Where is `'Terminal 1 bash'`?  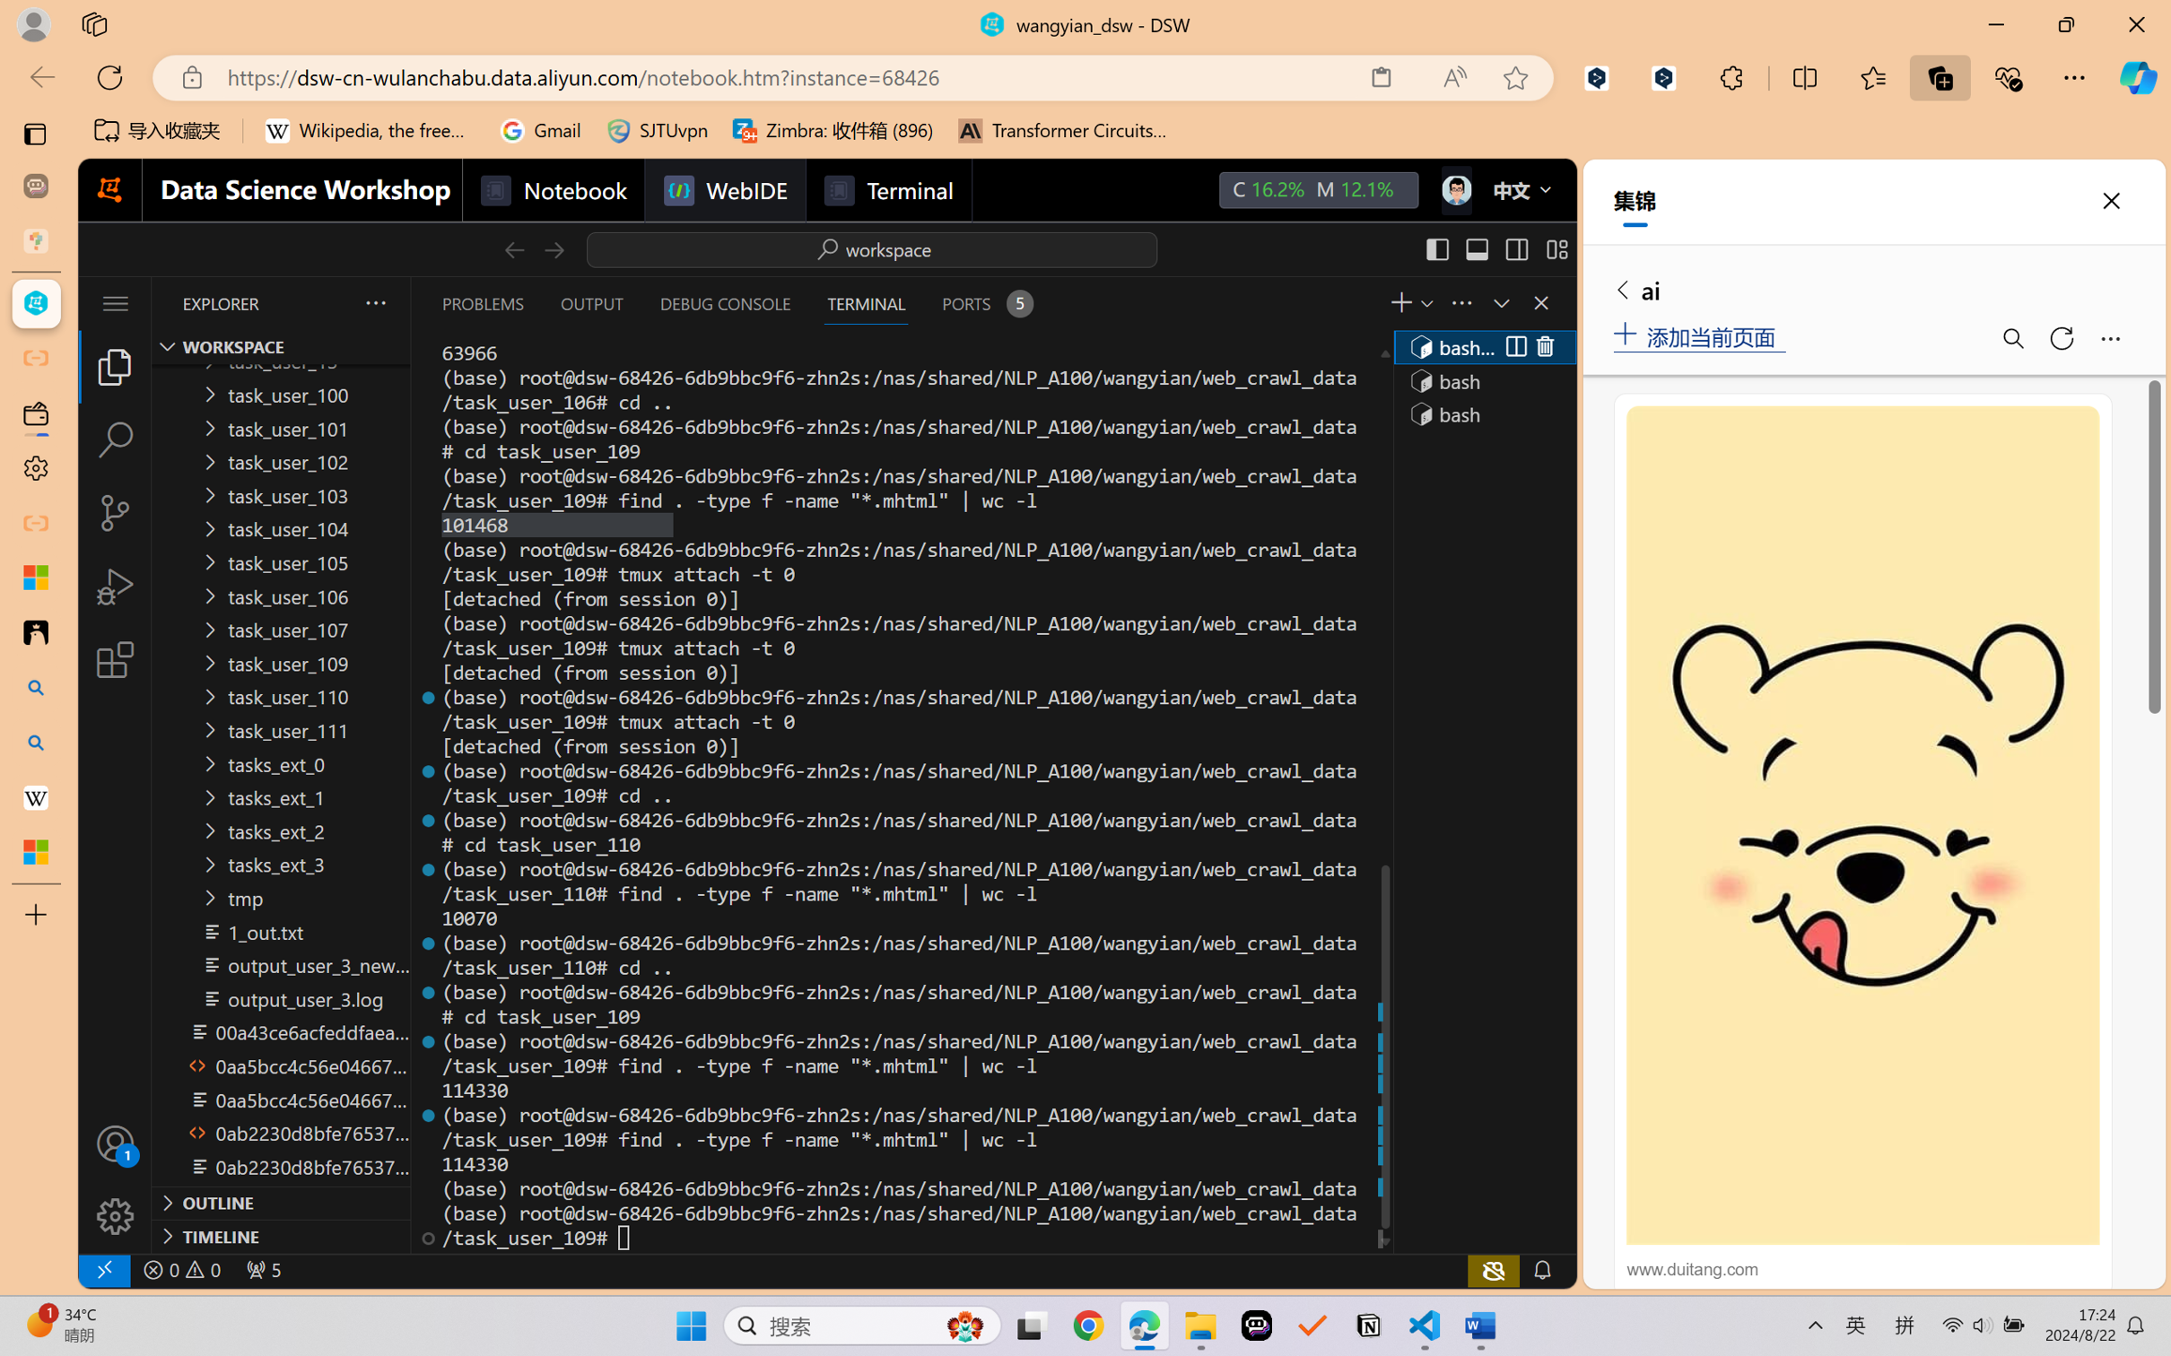
'Terminal 1 bash' is located at coordinates (1482, 346).